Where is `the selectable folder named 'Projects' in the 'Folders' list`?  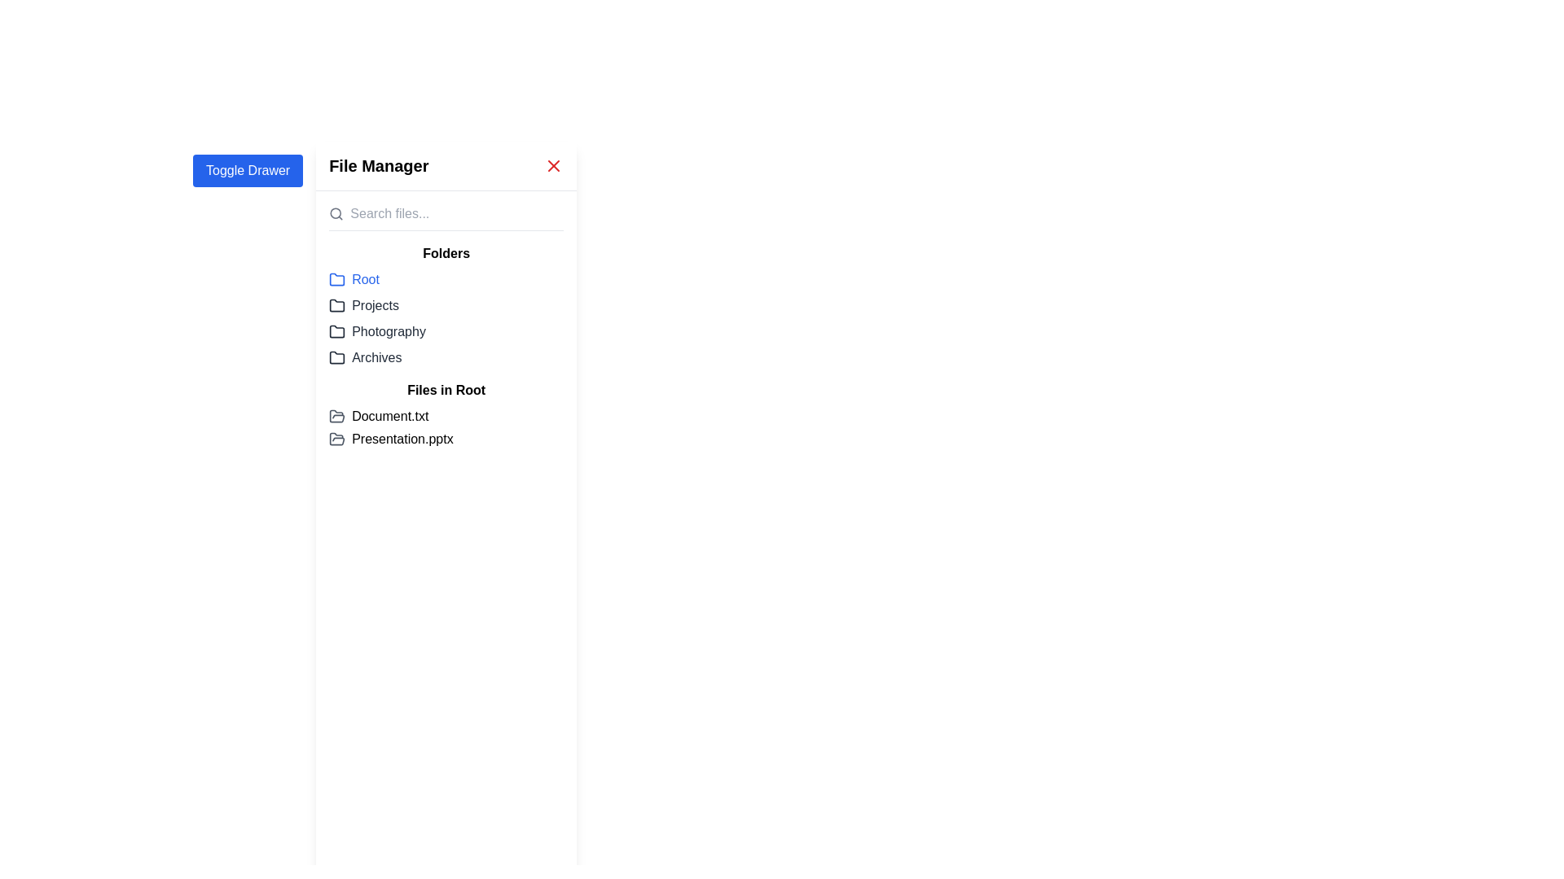
the selectable folder named 'Projects' in the 'Folders' list is located at coordinates (446, 305).